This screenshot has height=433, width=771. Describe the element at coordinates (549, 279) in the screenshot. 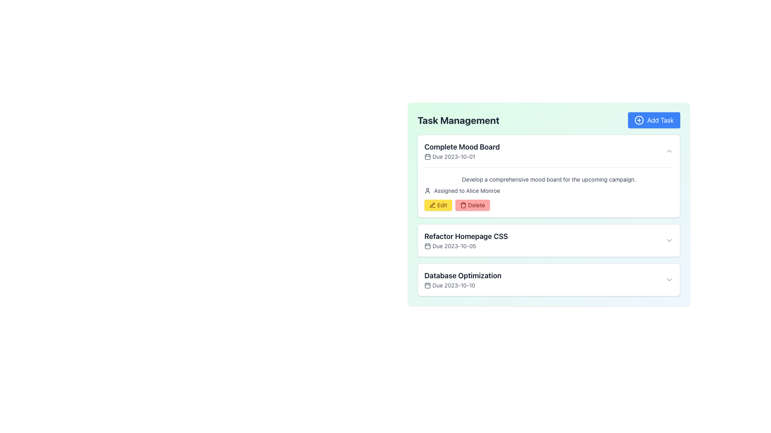

I see `the 'Database Optimization' task element in the task list` at that location.